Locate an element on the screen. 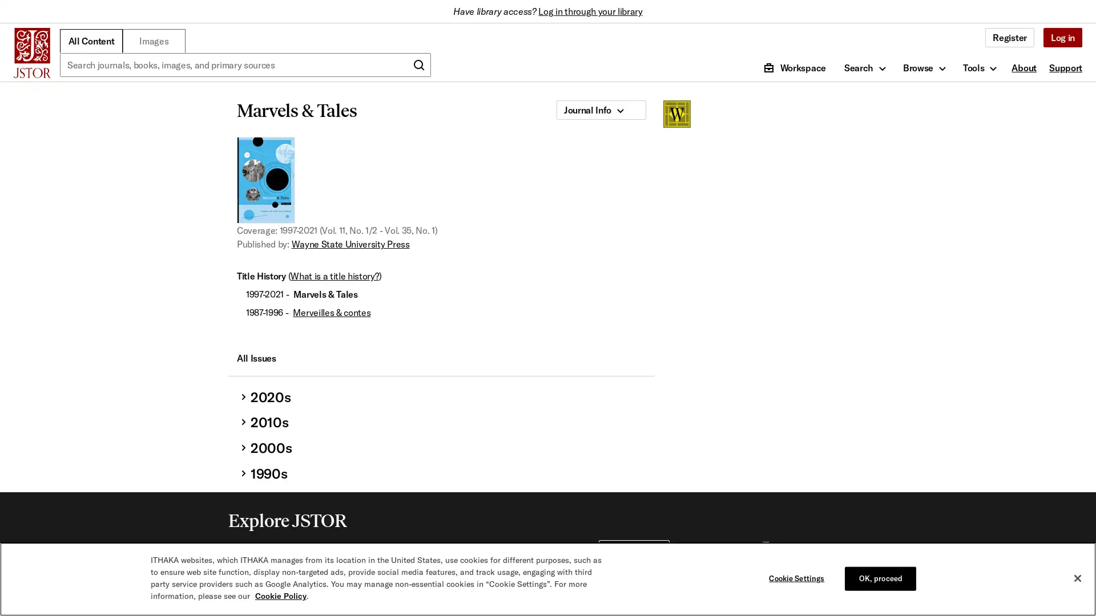 Image resolution: width=1096 pixels, height=616 pixels. Cookie Settings is located at coordinates (799, 578).